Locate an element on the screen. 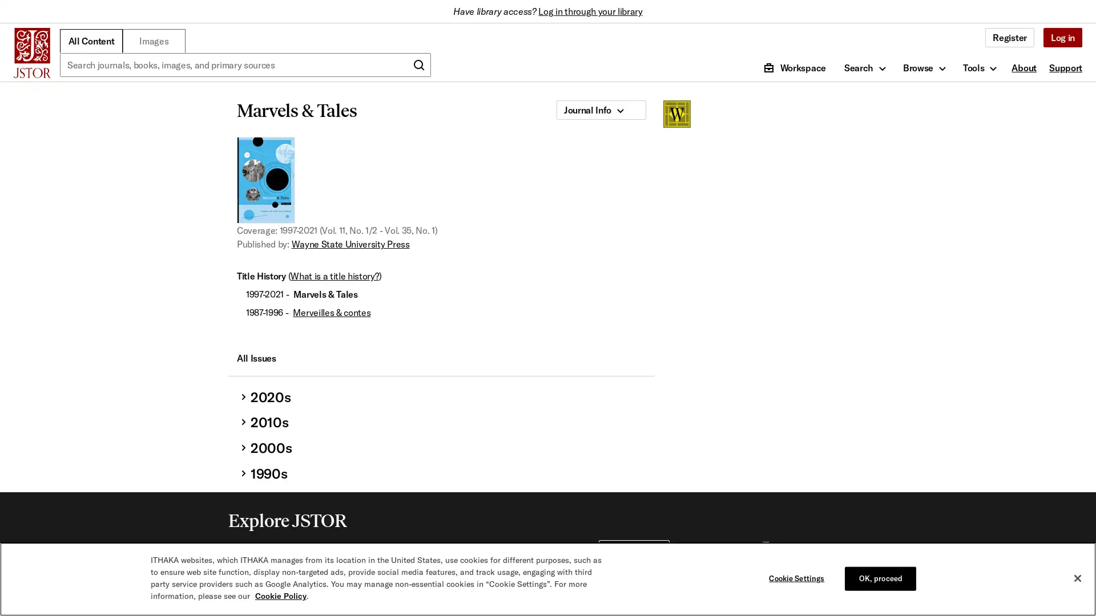 Image resolution: width=1096 pixels, height=616 pixels. Cookie Settings is located at coordinates (799, 578).